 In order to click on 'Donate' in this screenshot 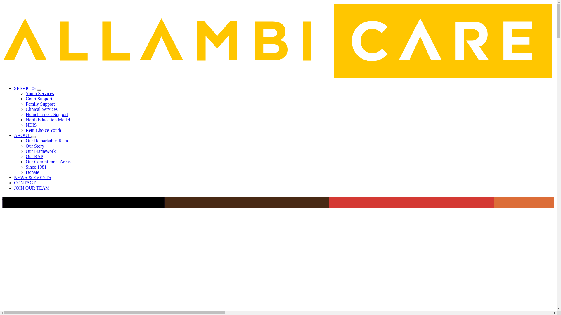, I will do `click(25, 172)`.